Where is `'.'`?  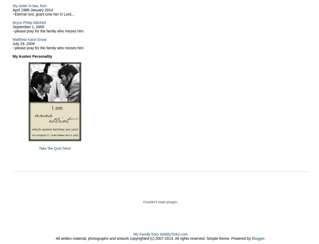 '.' is located at coordinates (264, 238).